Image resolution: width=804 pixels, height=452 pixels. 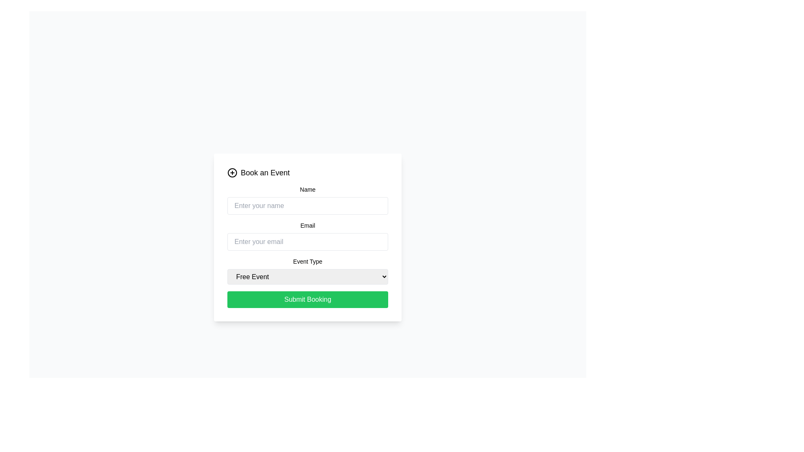 I want to click on the central decorative circle element associated with the 'Book an Event' label, which represents a positive action, so click(x=232, y=172).